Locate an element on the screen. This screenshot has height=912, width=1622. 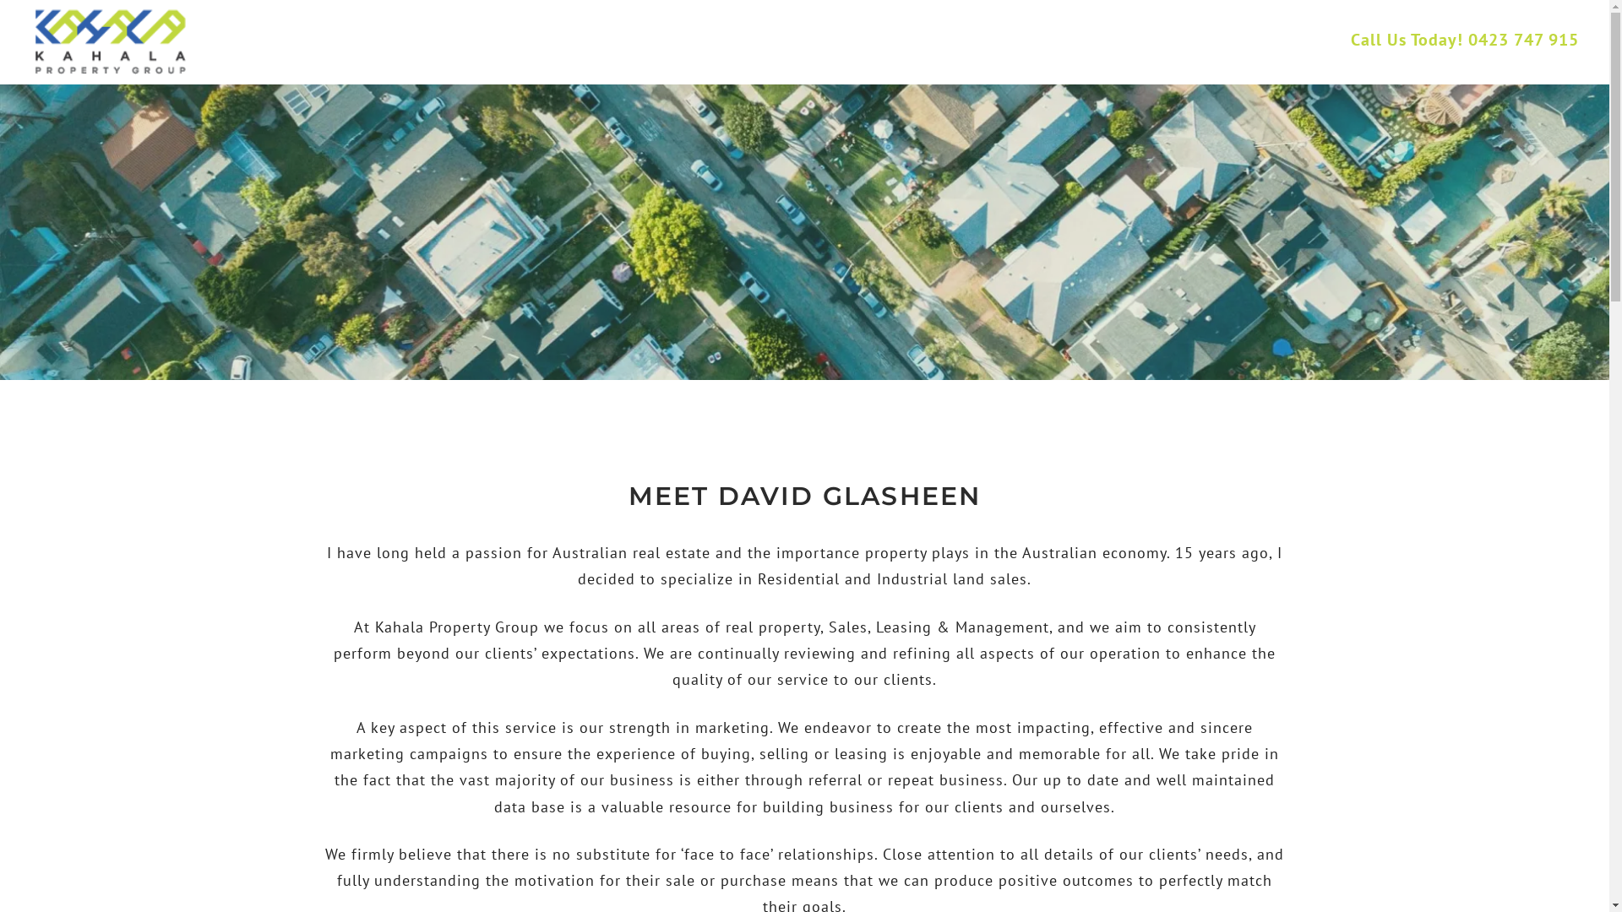
'Call Us Today! 0423 747 915' is located at coordinates (1463, 41).